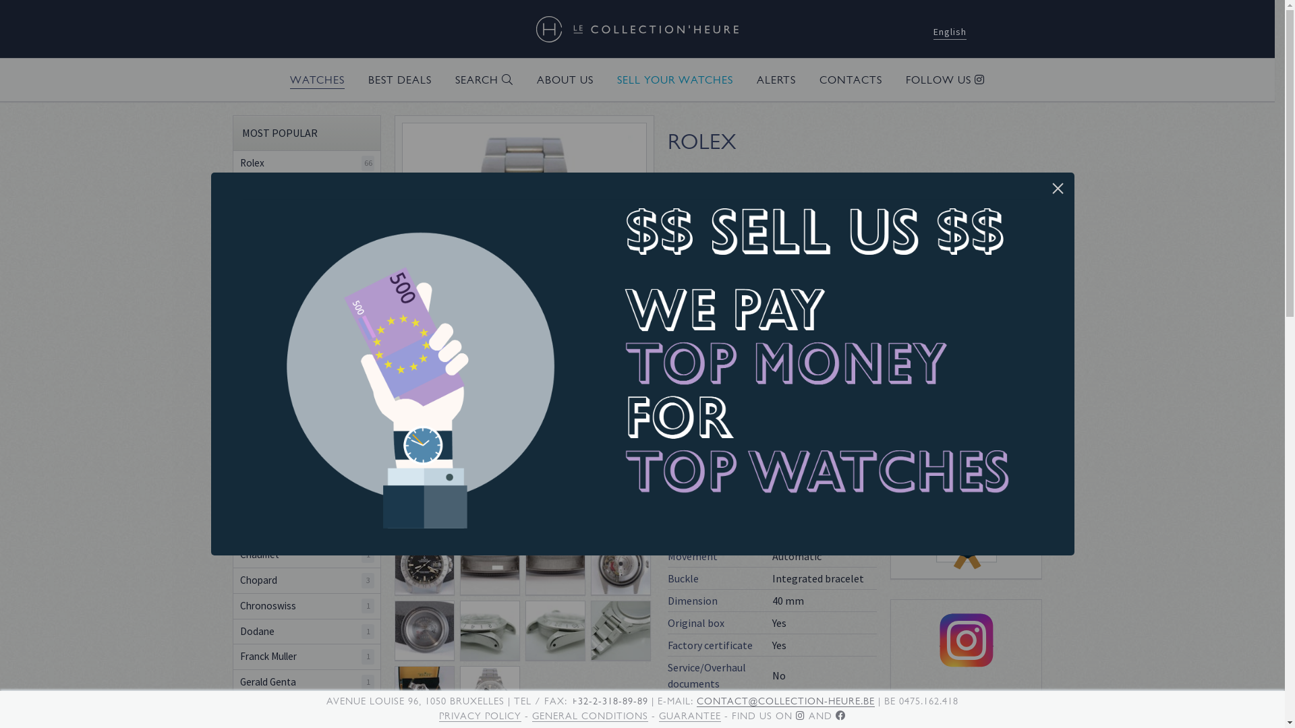  I want to click on 'BEST DEALS', so click(399, 80).